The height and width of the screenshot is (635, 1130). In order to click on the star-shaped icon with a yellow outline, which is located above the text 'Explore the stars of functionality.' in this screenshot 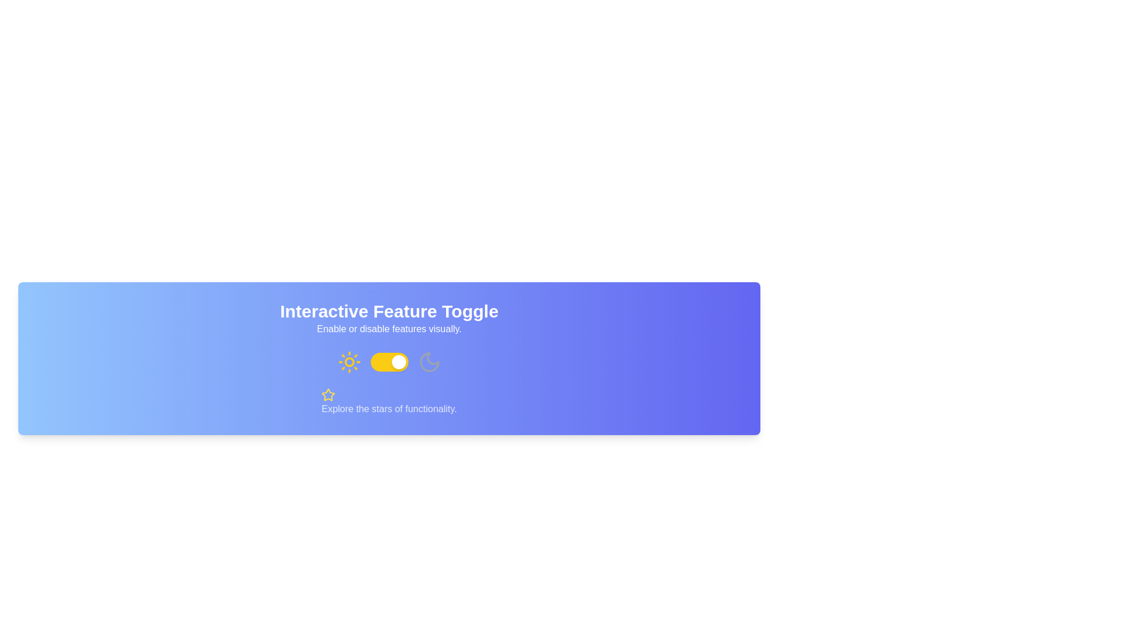, I will do `click(328, 395)`.